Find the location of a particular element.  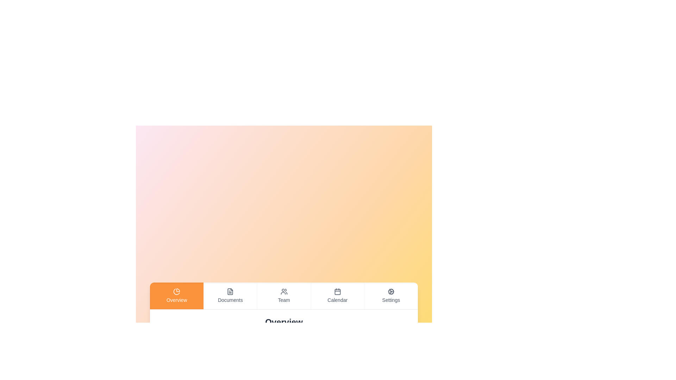

the document icon in the 'Documents' section of the bottom navigation bar is located at coordinates (230, 291).